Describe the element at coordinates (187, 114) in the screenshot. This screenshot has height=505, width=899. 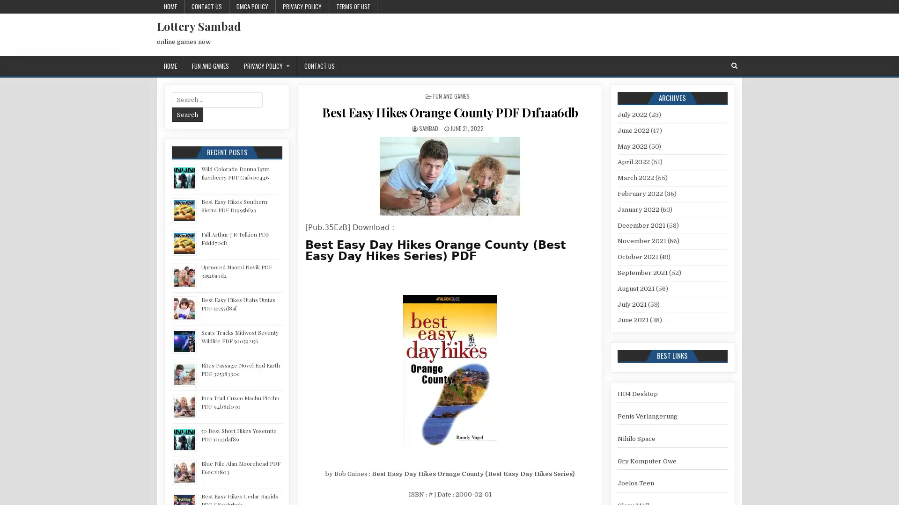
I see `Search` at that location.